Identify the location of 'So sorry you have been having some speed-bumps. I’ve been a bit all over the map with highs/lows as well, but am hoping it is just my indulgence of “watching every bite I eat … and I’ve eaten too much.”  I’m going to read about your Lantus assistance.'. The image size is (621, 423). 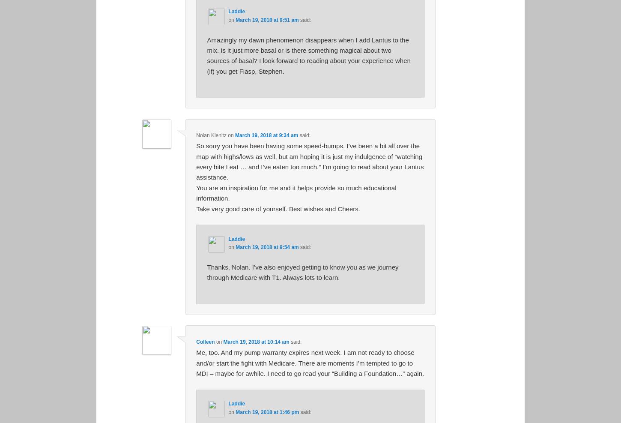
(309, 162).